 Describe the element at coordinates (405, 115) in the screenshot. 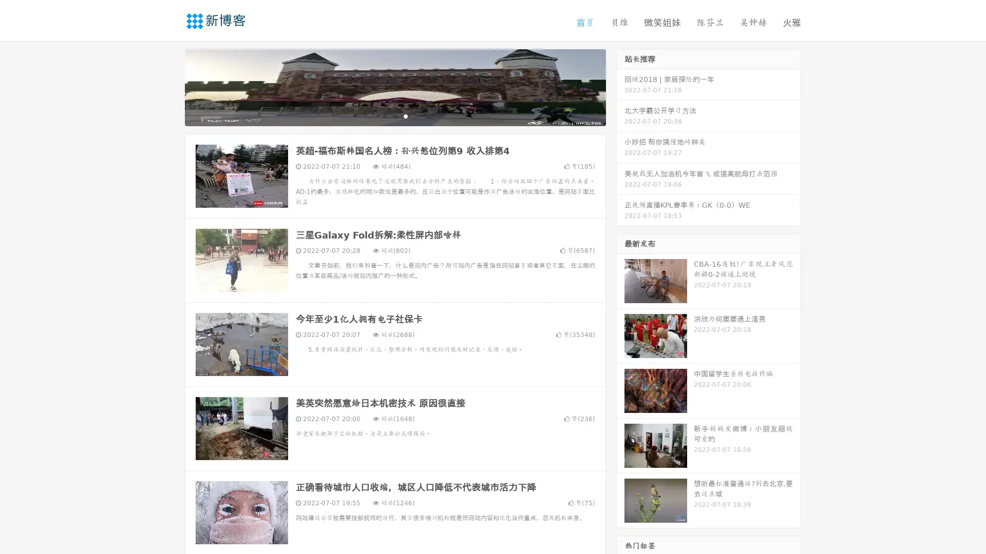

I see `Go to slide 3` at that location.